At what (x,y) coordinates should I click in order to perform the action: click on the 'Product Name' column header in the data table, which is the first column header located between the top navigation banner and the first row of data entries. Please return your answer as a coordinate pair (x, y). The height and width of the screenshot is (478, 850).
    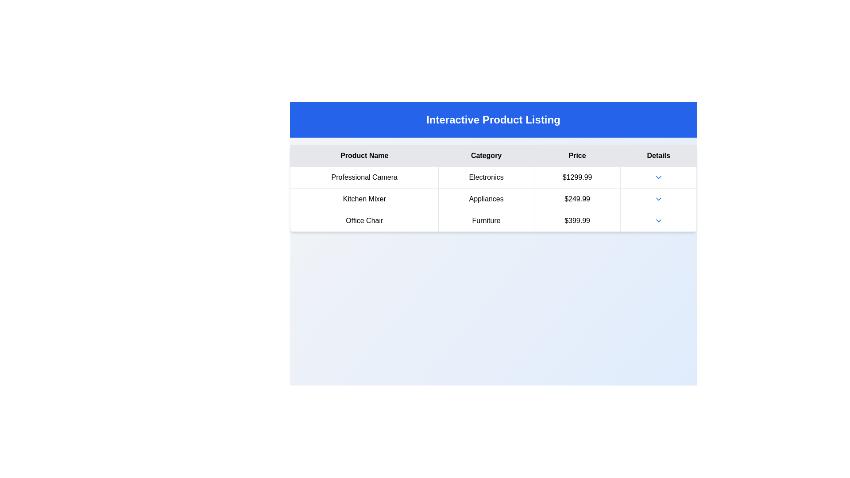
    Looking at the image, I should click on (364, 155).